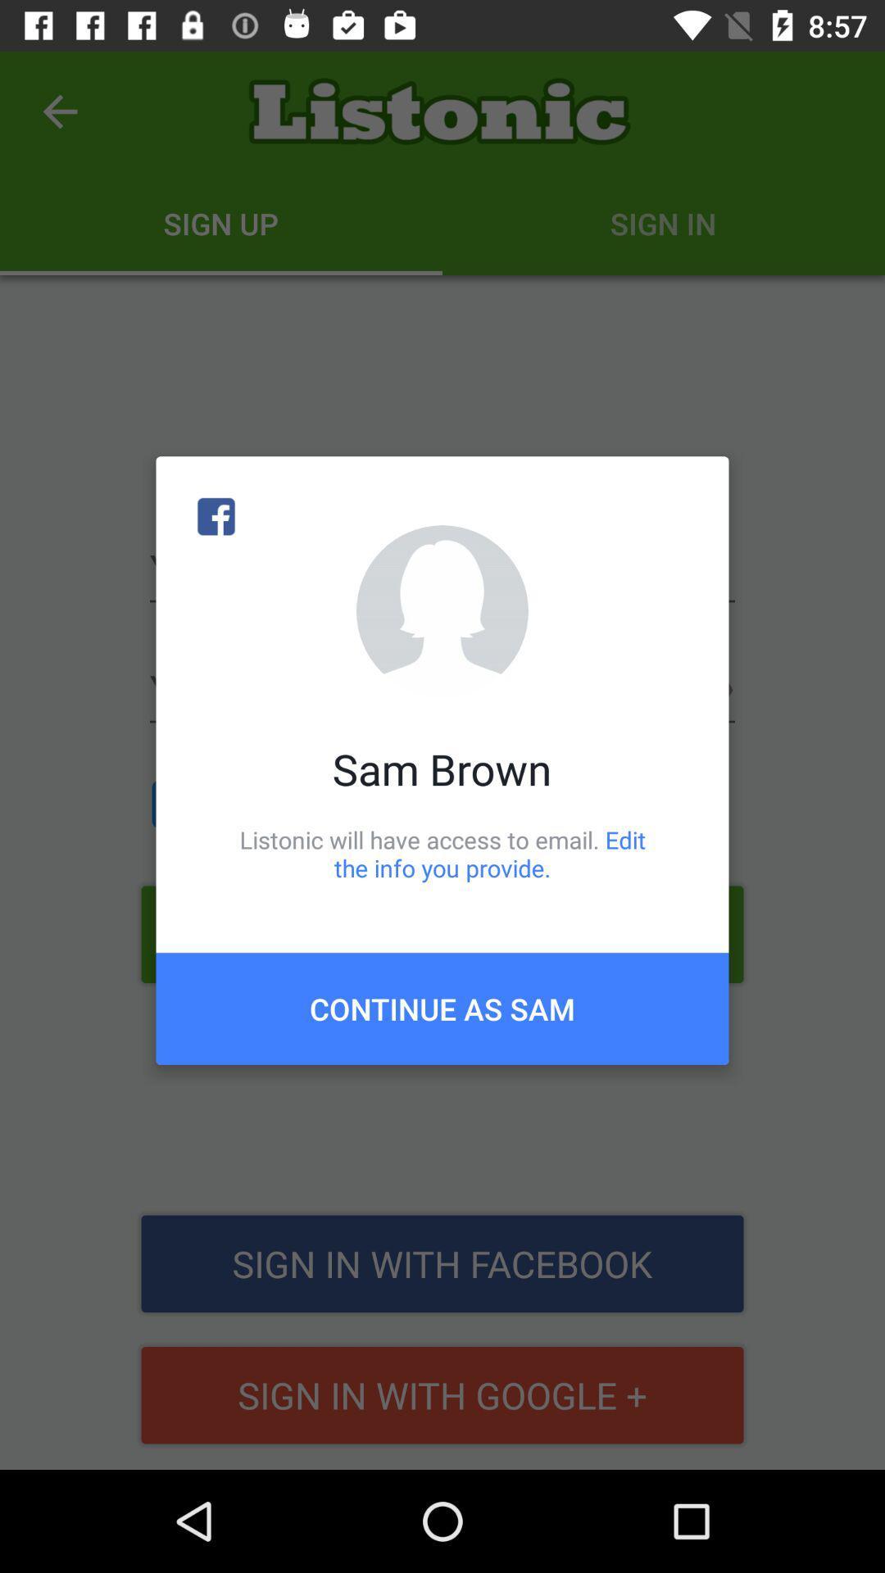 This screenshot has width=885, height=1573. I want to click on the continue as sam, so click(442, 1008).